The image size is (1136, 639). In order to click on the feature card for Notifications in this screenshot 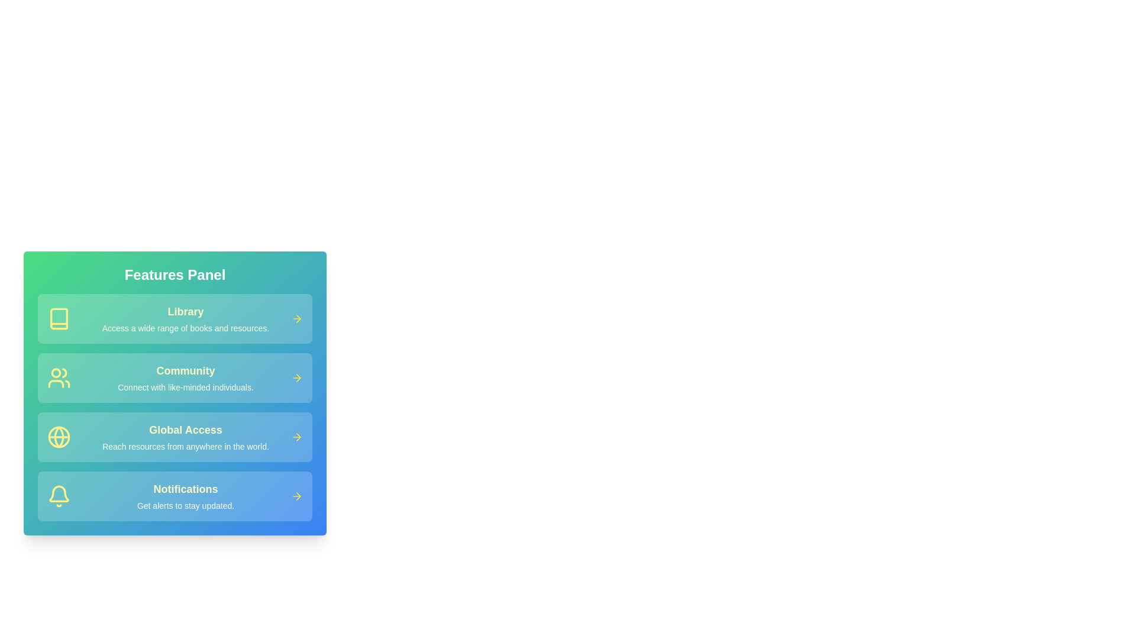, I will do `click(175, 496)`.